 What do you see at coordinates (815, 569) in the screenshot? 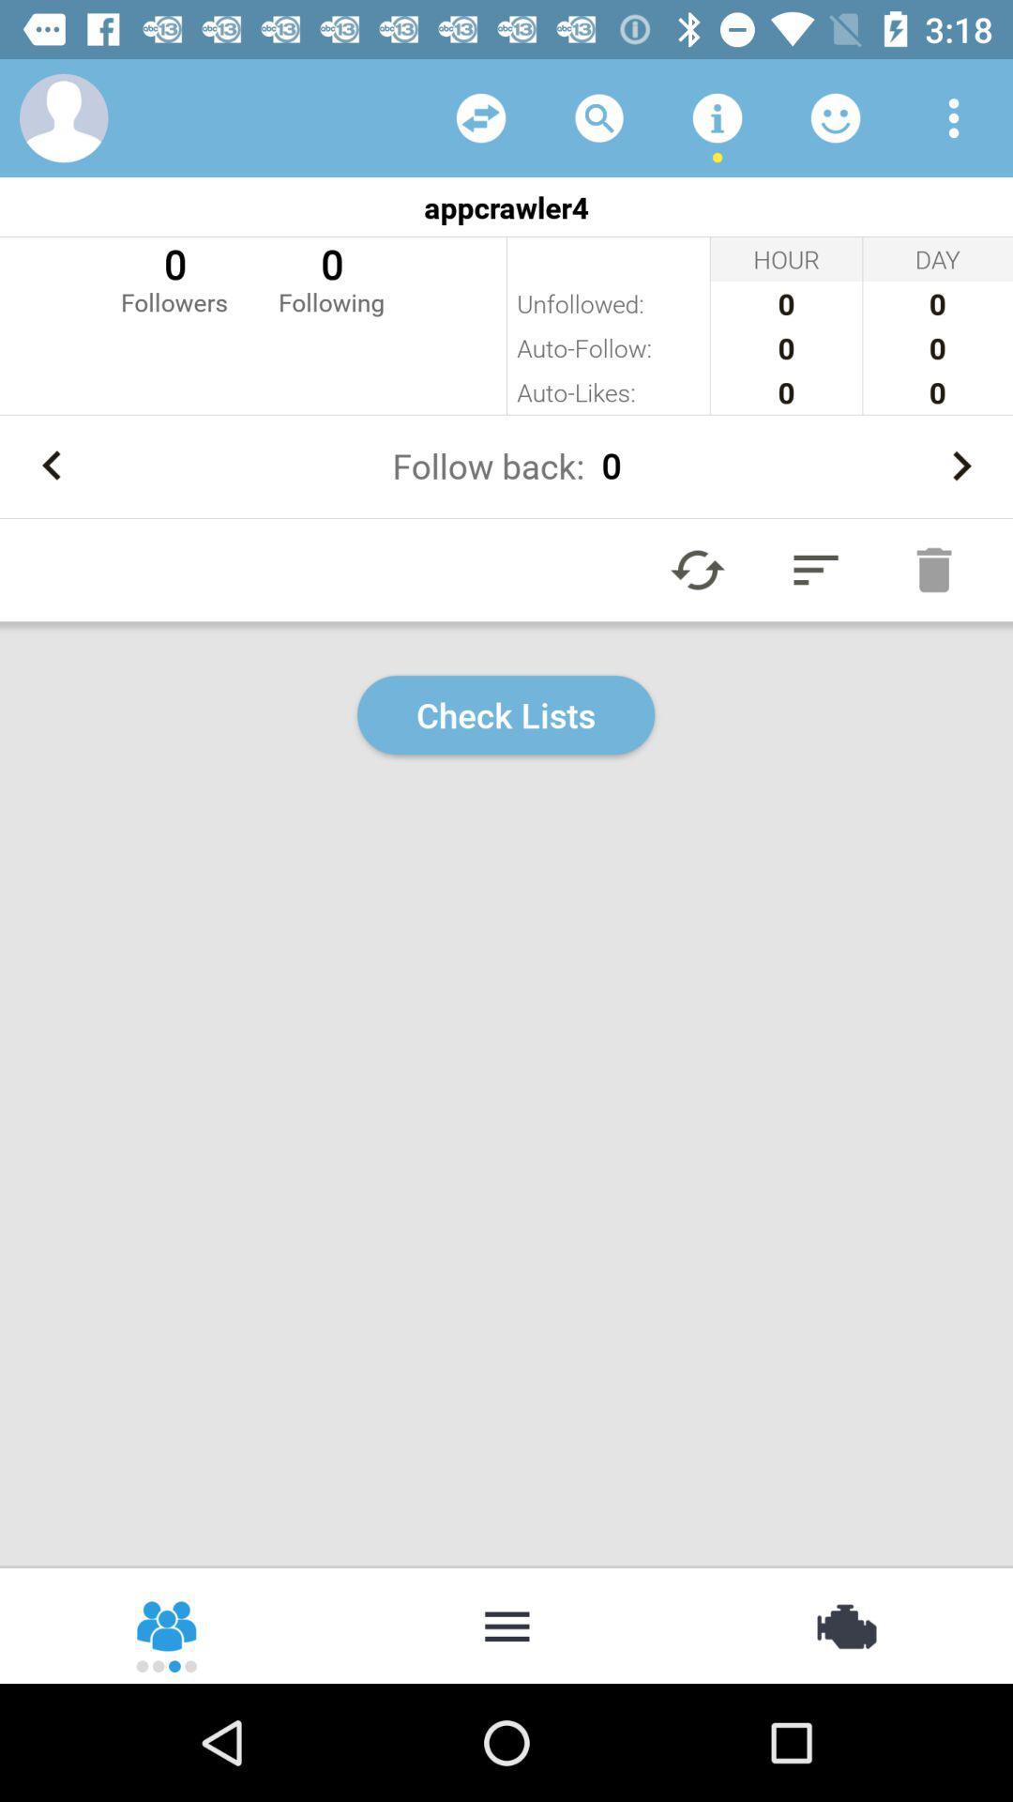
I see `the filter_list icon` at bounding box center [815, 569].